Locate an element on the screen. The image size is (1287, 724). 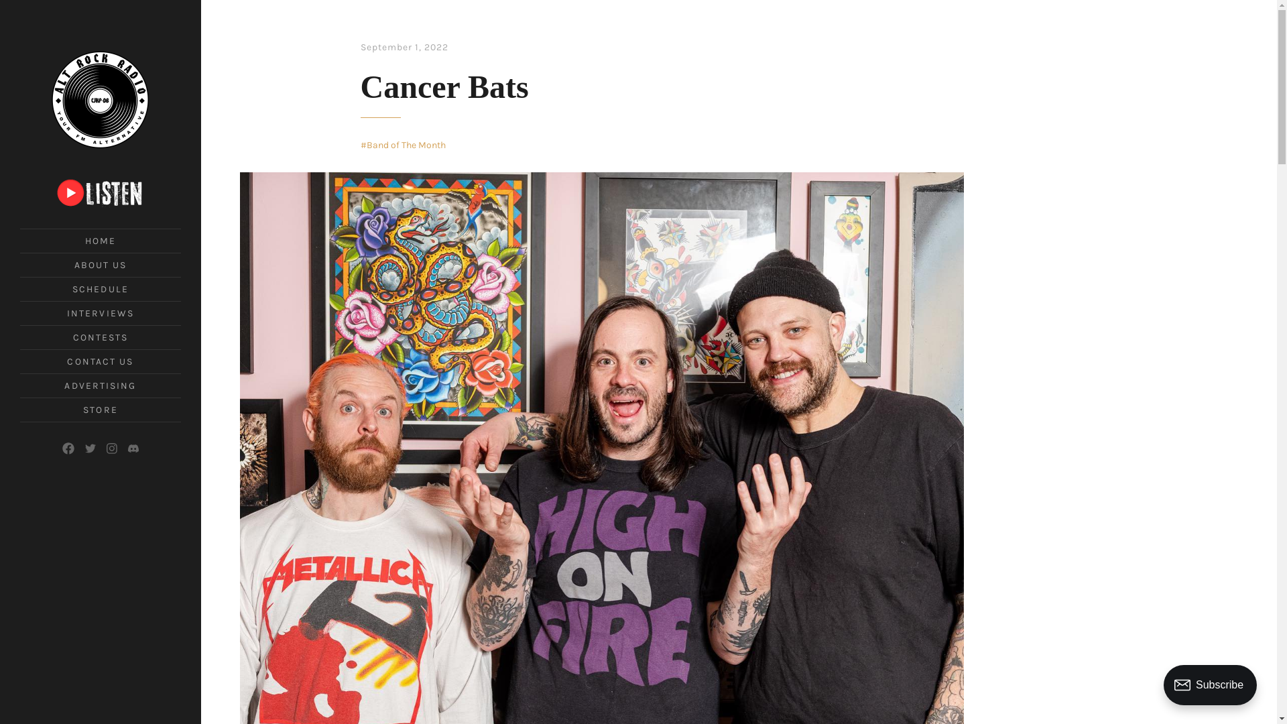
'SCHEDULE' is located at coordinates (99, 288).